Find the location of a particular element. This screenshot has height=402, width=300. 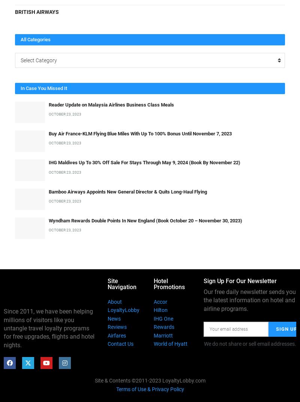

'Reviews' is located at coordinates (107, 326).